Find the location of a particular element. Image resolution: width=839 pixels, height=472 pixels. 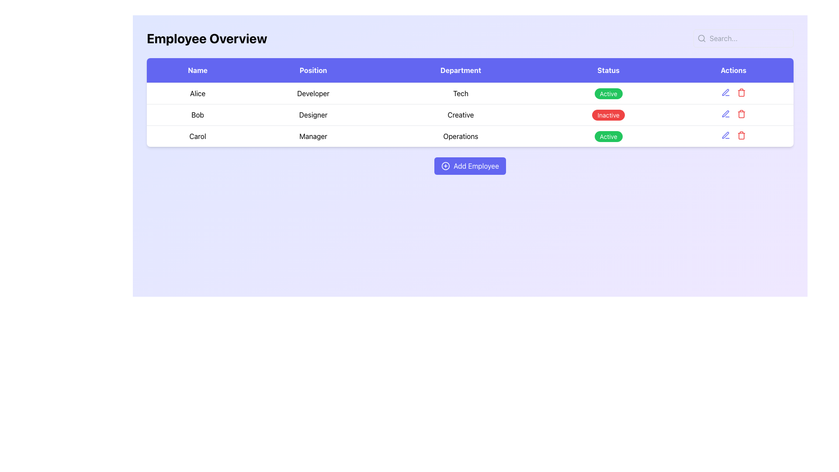

the red trash bin icon located in the rightmost cell under the 'Actions' column is located at coordinates (741, 93).